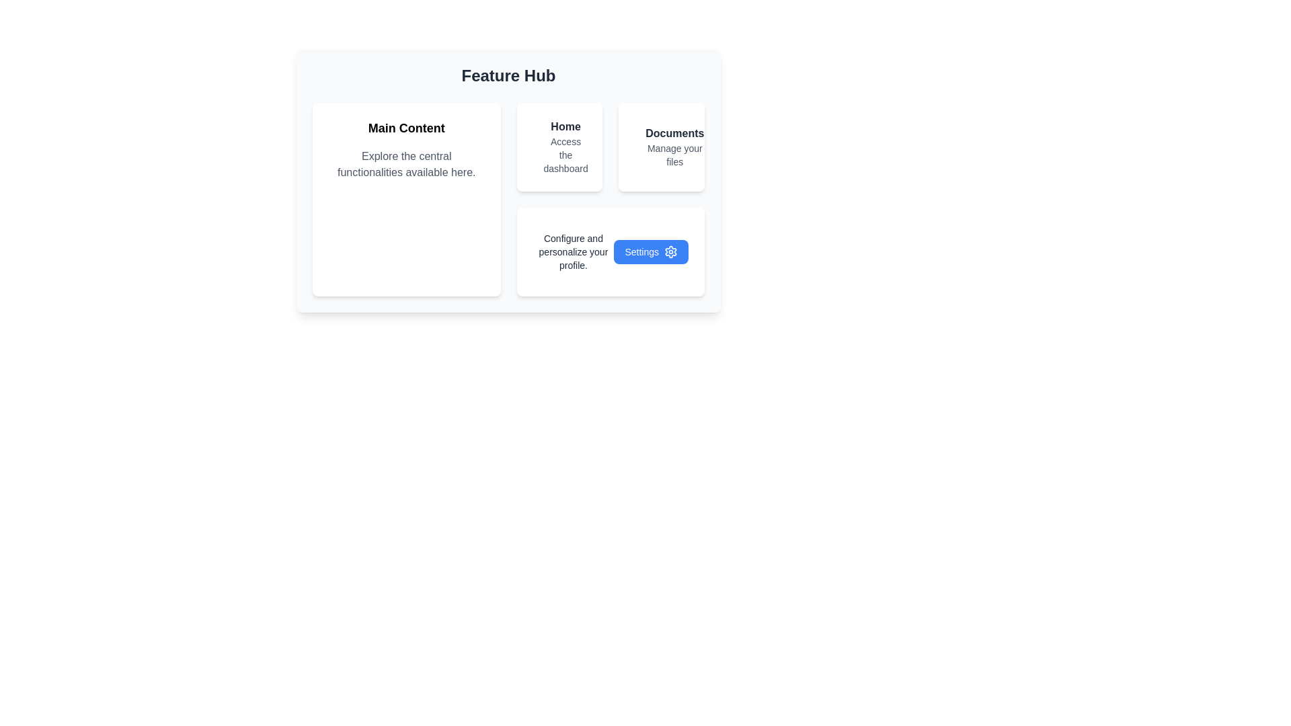 This screenshot has height=726, width=1291. Describe the element at coordinates (671, 251) in the screenshot. I see `the gear-shaped blue settings icon located on the blue button labeled 'Settings' in the lower-right card of the interface` at that location.